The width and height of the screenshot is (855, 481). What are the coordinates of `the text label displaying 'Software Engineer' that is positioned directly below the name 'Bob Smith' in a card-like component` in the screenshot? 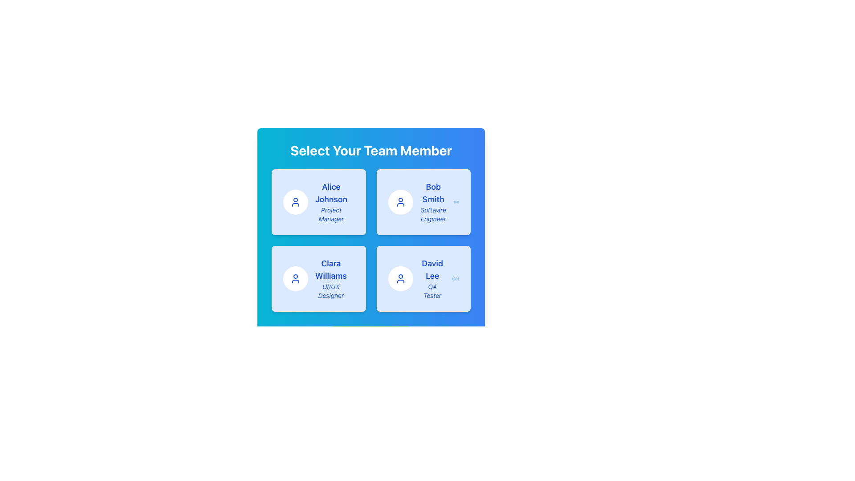 It's located at (433, 215).